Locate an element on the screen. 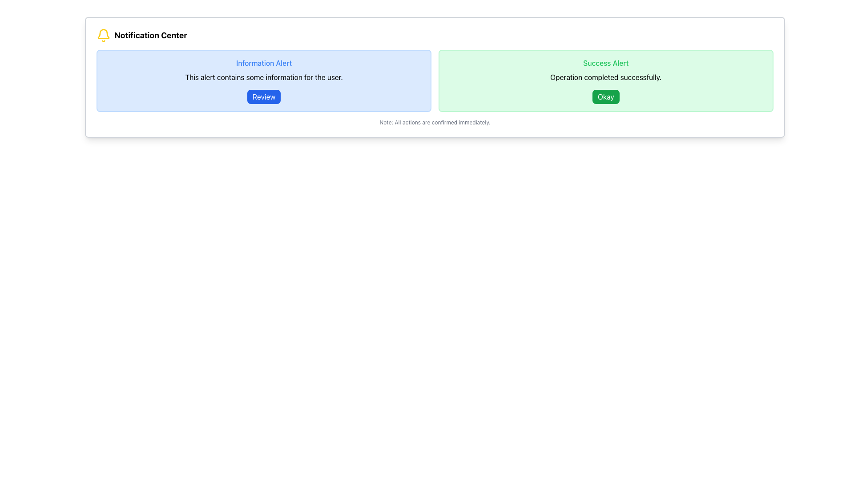 Image resolution: width=854 pixels, height=480 pixels. the yellow bell icon representing notifications, located to the left of the 'Notification Center' text is located at coordinates (104, 35).